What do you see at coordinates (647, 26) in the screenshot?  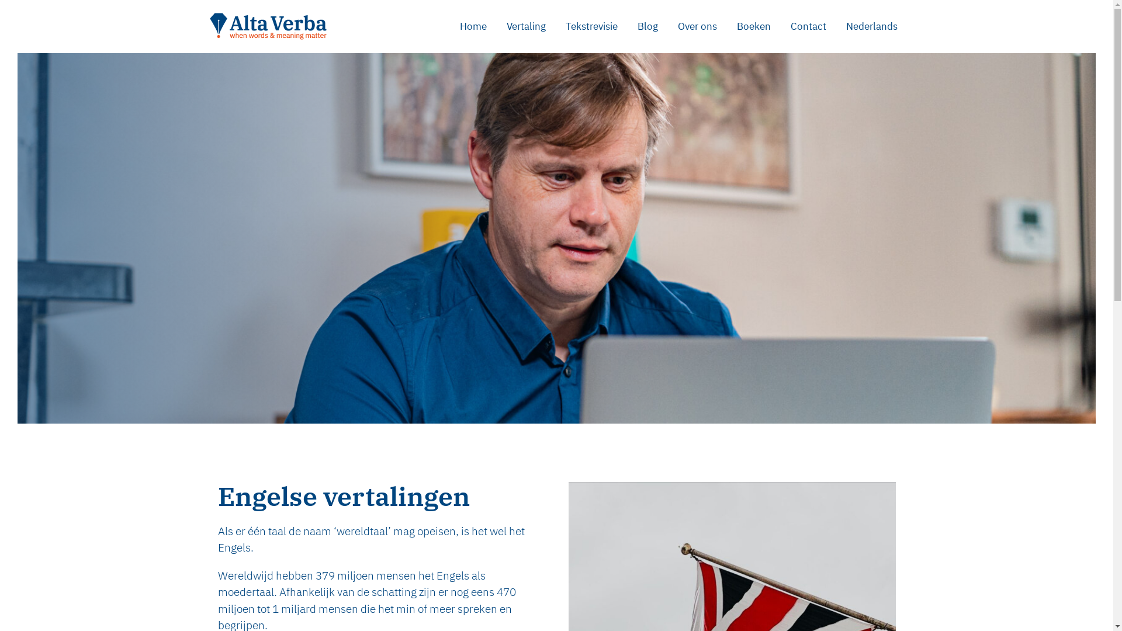 I see `'Blog'` at bounding box center [647, 26].